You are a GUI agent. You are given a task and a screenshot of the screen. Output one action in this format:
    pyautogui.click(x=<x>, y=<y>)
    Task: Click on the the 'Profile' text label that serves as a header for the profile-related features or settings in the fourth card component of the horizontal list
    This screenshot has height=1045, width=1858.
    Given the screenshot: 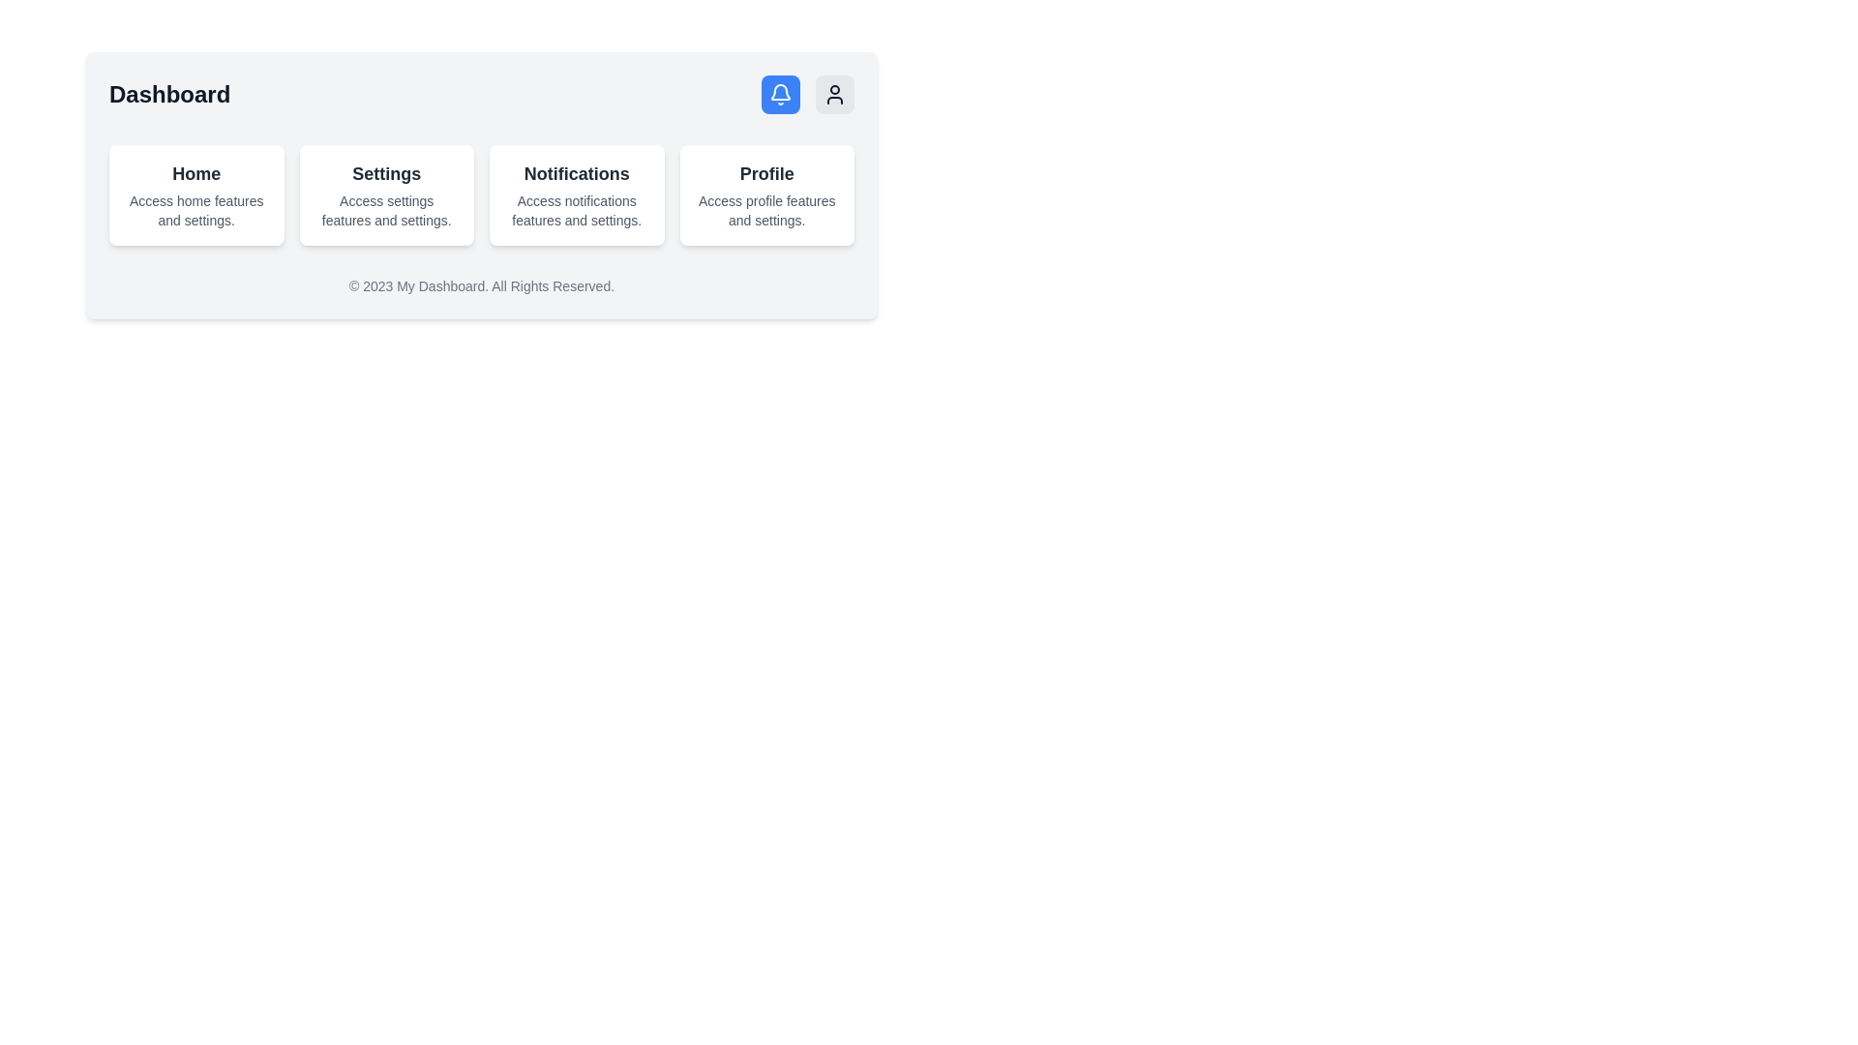 What is the action you would take?
    pyautogui.click(x=765, y=174)
    